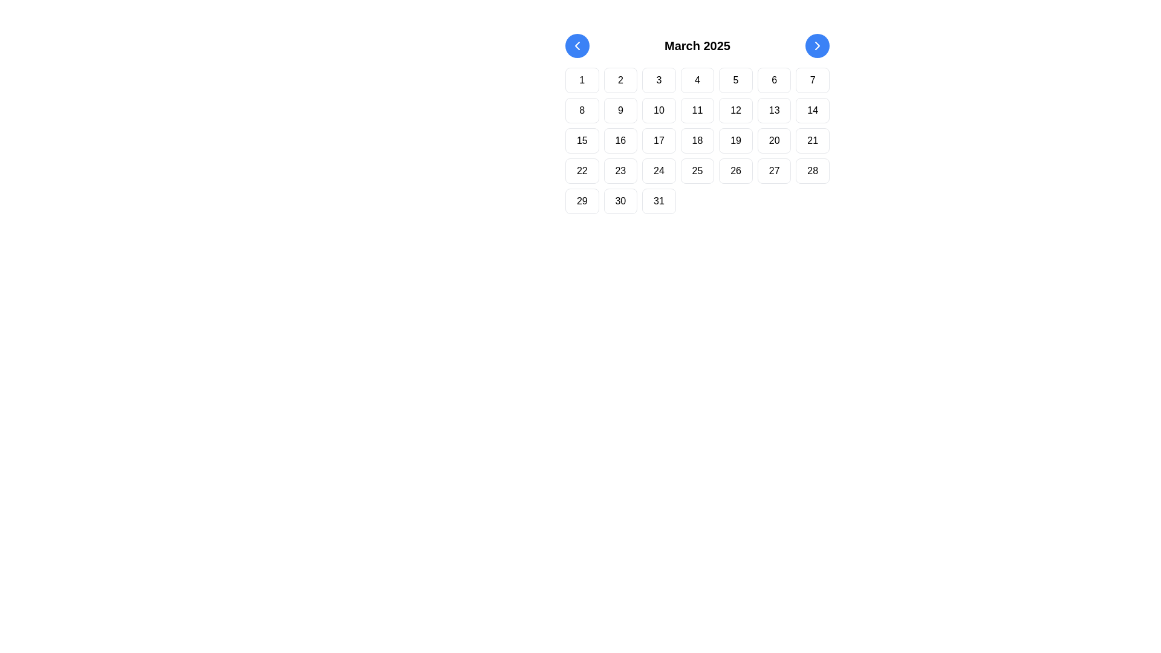 The width and height of the screenshot is (1161, 653). I want to click on the leftmost navigation button in the calendar header, so click(577, 45).